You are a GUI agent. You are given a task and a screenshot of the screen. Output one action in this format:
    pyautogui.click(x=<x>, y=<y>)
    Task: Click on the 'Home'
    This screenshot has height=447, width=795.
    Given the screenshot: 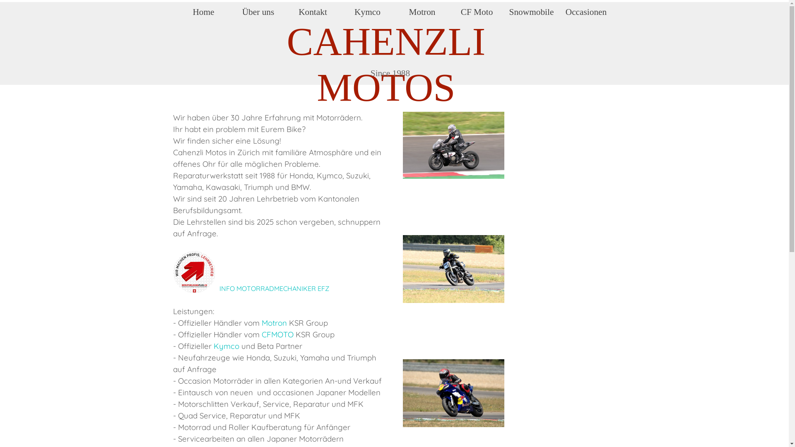 What is the action you would take?
    pyautogui.click(x=203, y=12)
    